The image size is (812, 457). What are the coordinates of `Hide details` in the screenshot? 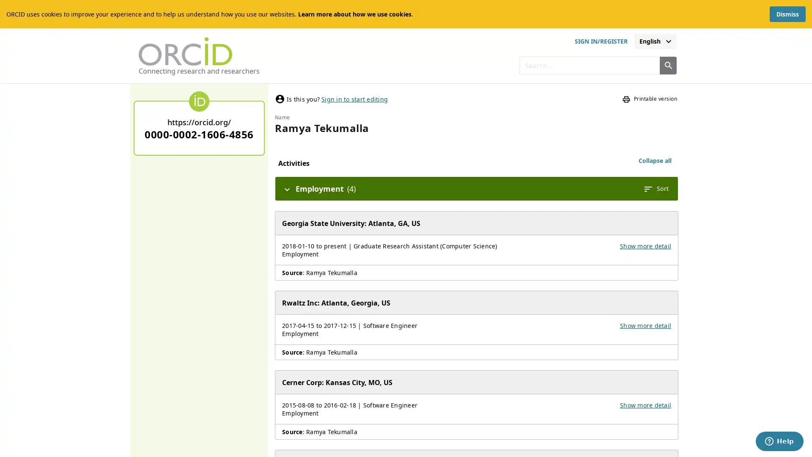 It's located at (287, 188).